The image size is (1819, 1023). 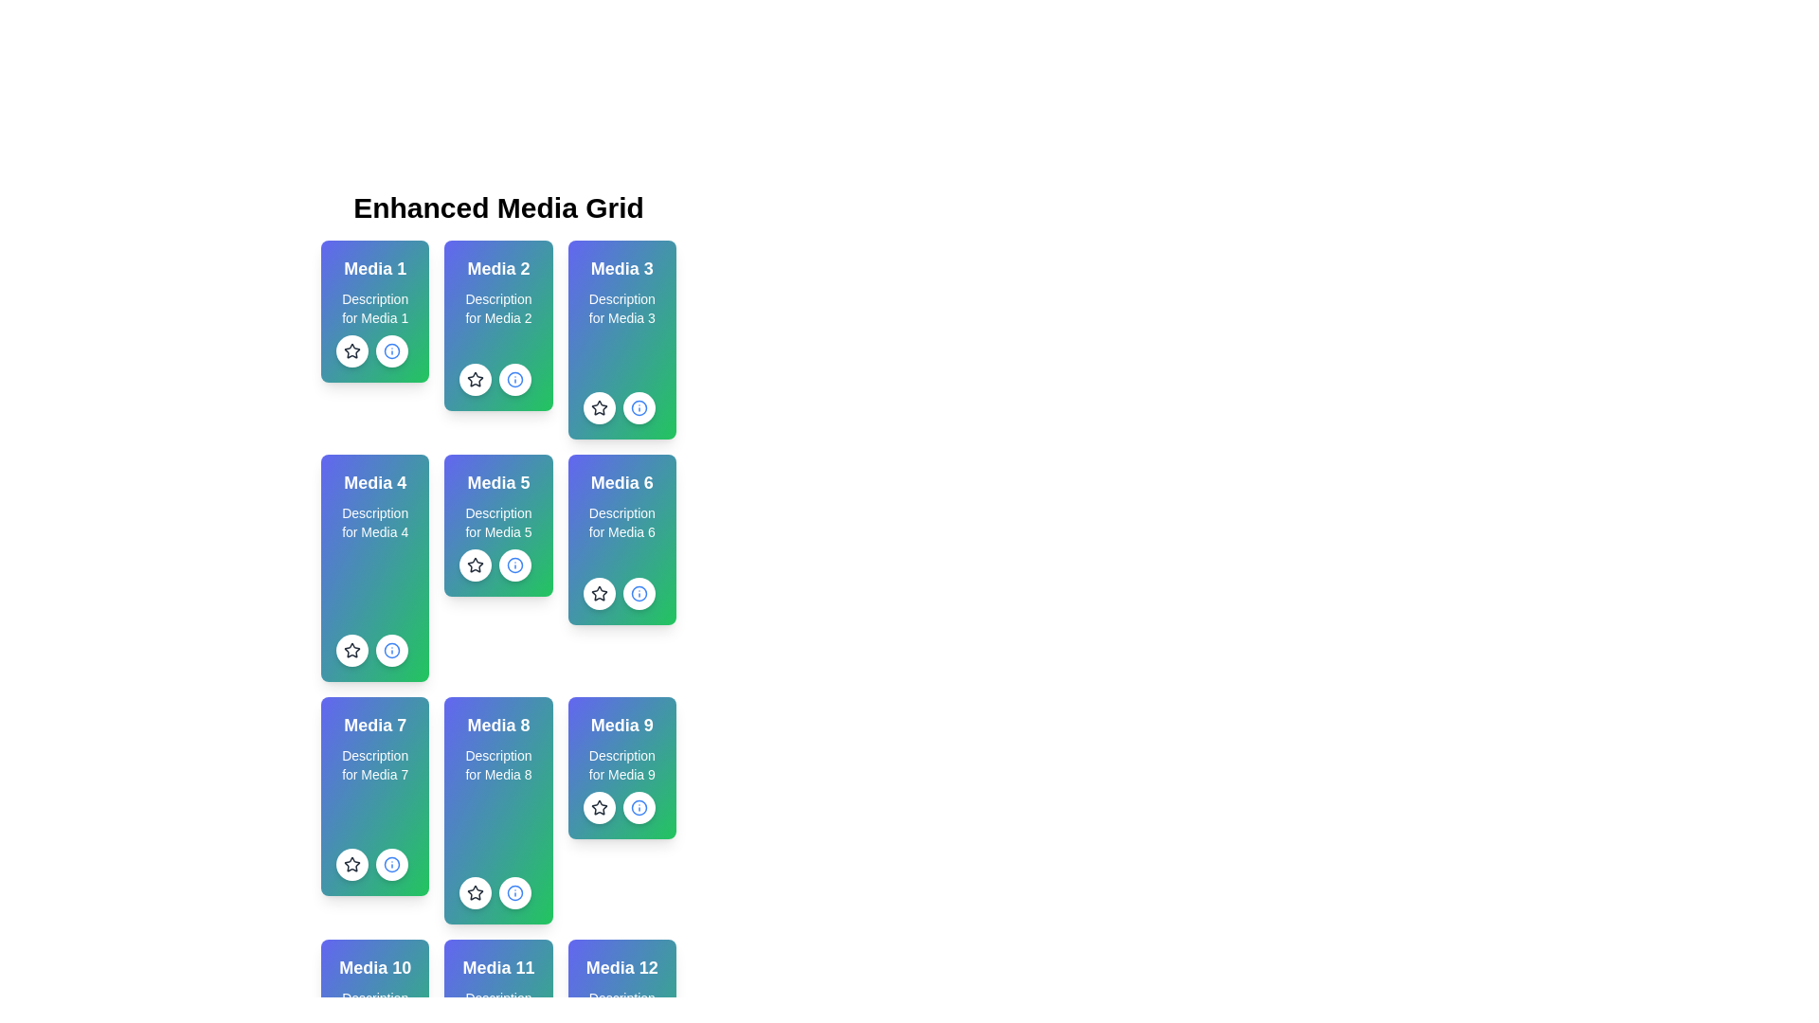 What do you see at coordinates (639, 407) in the screenshot?
I see `the informational icon located at the bottom right corner of the 'Media 3' card in the media grid layout` at bounding box center [639, 407].